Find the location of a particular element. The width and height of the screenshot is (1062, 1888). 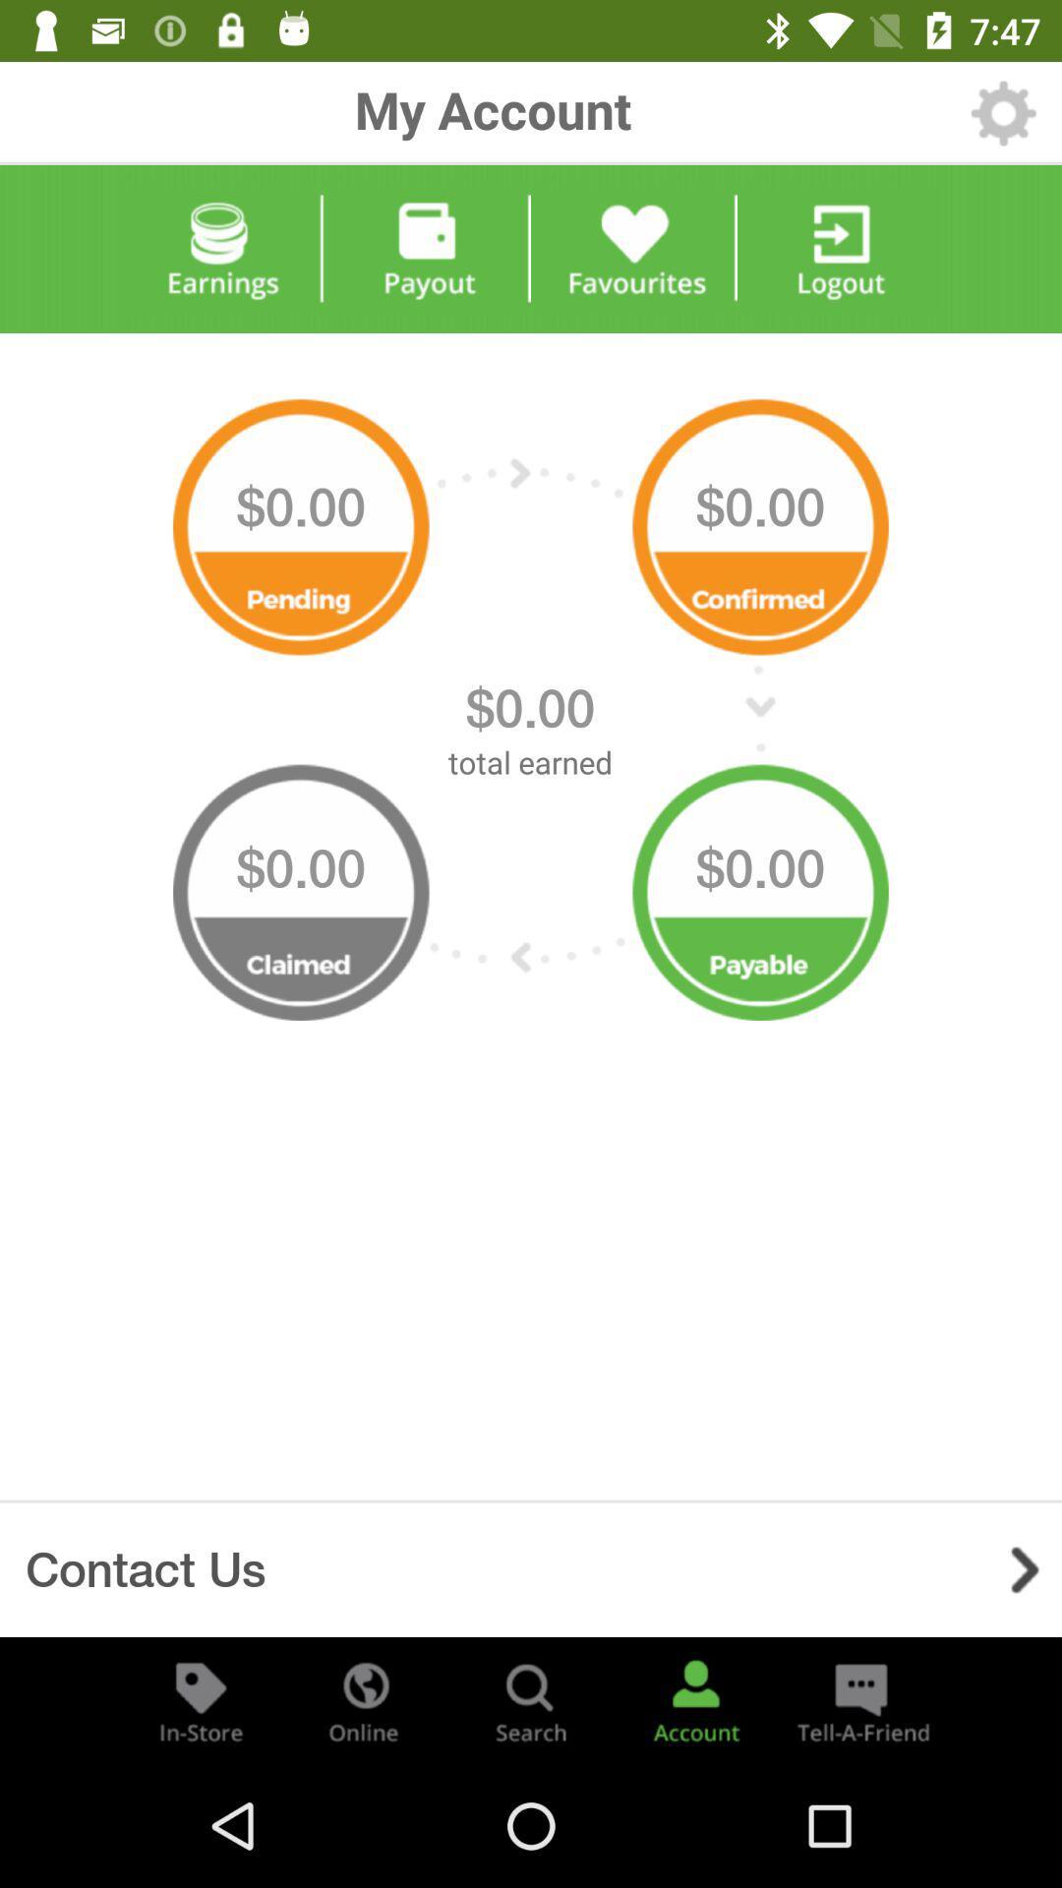

account option is located at coordinates (695, 1699).